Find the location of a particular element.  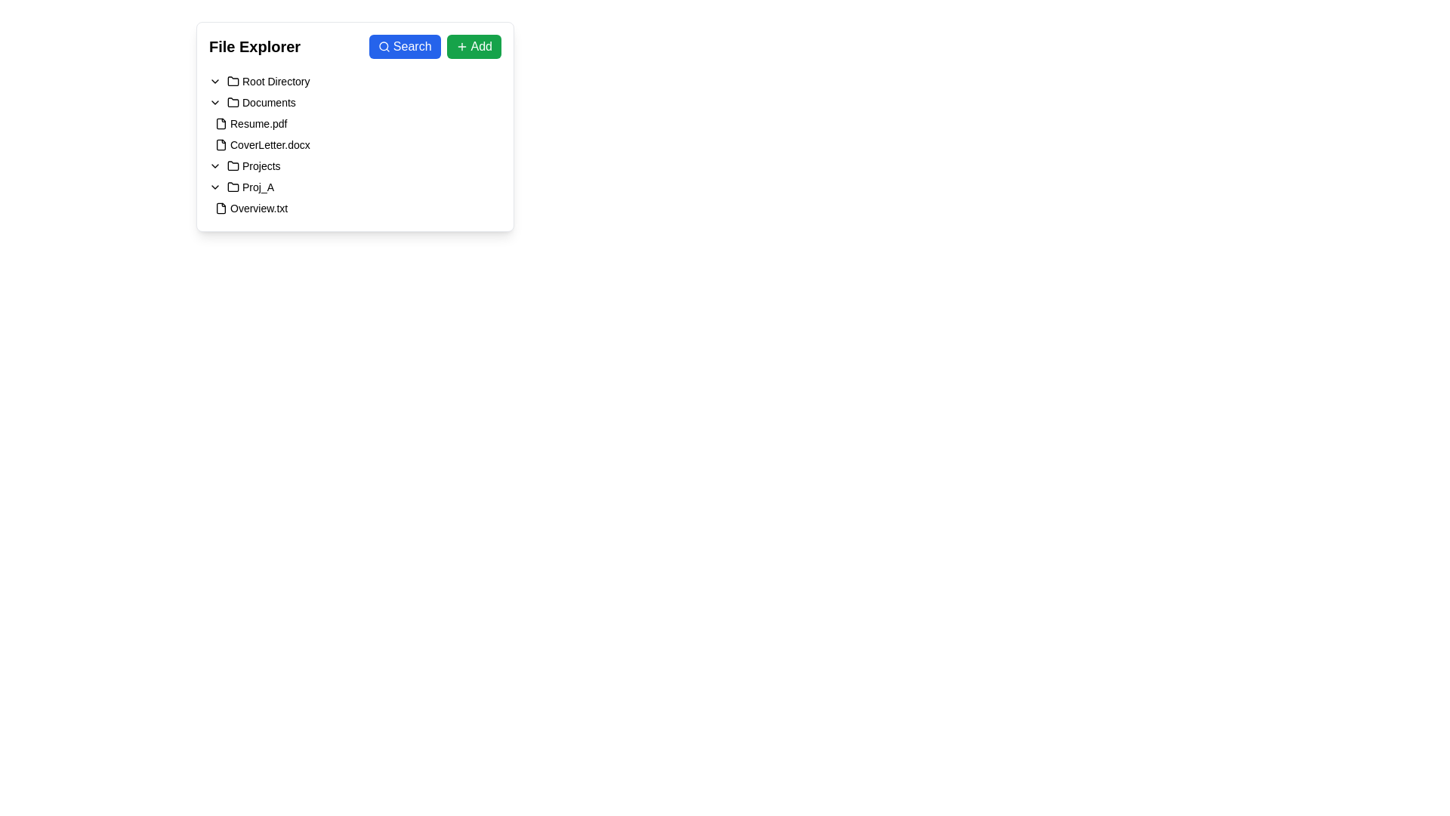

the small file icon next to the text 'Resume.pdf' in the file explorer interface is located at coordinates (220, 123).